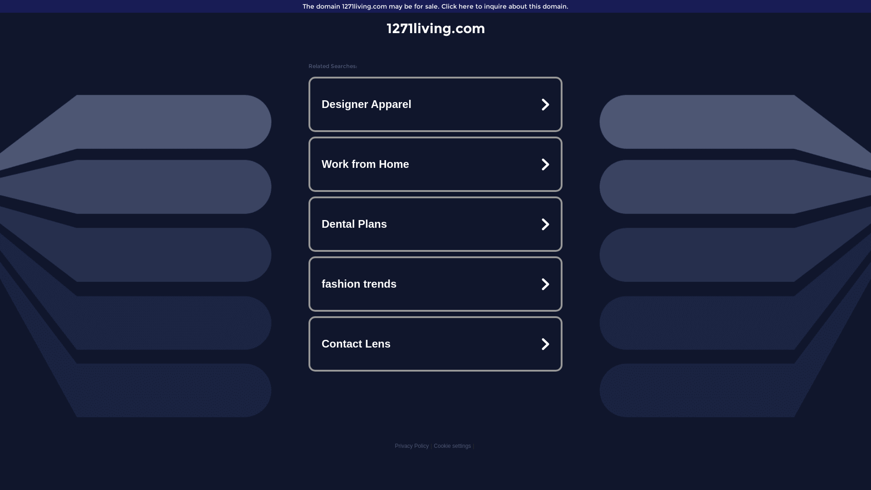  I want to click on 'Dental Plans', so click(435, 224).